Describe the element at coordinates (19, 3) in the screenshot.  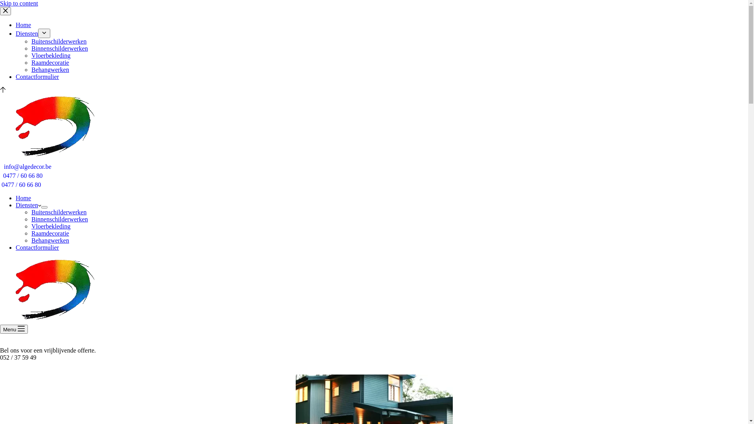
I see `'Skip to content'` at that location.